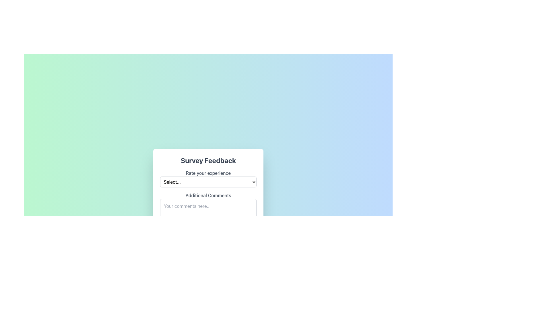  What do you see at coordinates (208, 178) in the screenshot?
I see `the dropdown menu labeled 'Rate your experience'` at bounding box center [208, 178].